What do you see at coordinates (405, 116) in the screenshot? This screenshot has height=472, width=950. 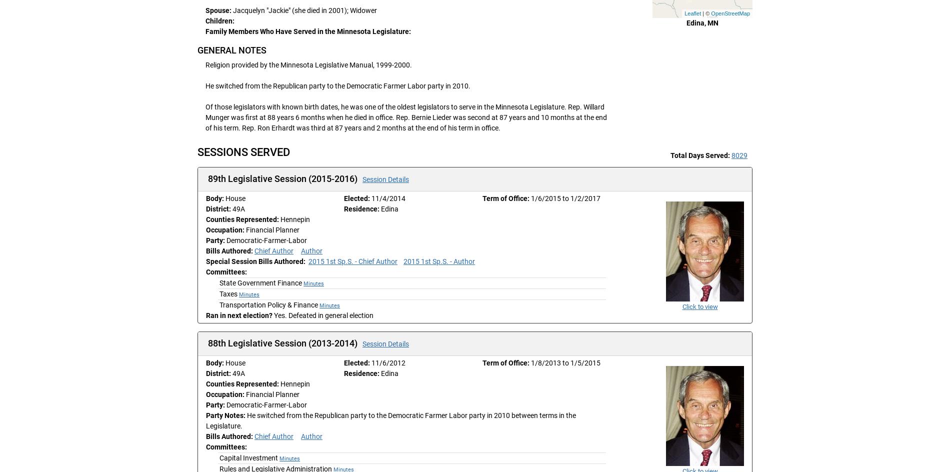 I see `'Of those legislators with known birth dates, he was one of the oldest legislators to serve in the Minnesota Legislature.  Rep. Willard Munger was first at 88 years 6 months when he died in office.  Rep. Bernie Lieder was second at 87 years and 10 months at the end of his term.  Rep. Ron Erhardt was third at 87 years and 2 months at the end of his term in office.'` at bounding box center [405, 116].